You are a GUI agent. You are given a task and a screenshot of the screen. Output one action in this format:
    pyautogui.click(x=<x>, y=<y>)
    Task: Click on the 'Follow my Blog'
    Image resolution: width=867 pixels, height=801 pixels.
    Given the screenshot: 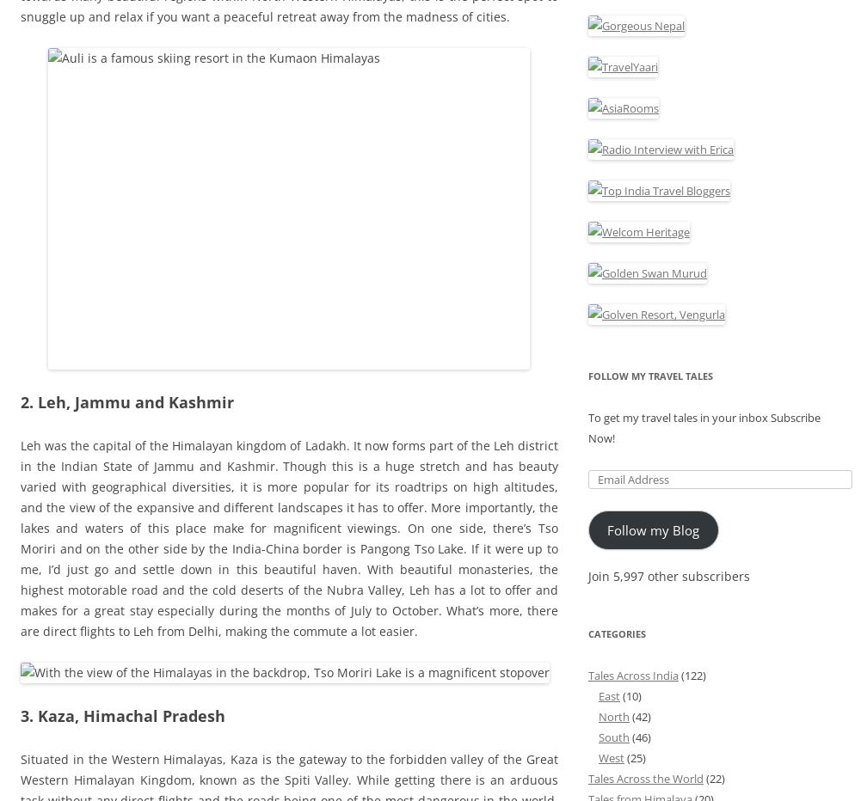 What is the action you would take?
    pyautogui.click(x=653, y=529)
    